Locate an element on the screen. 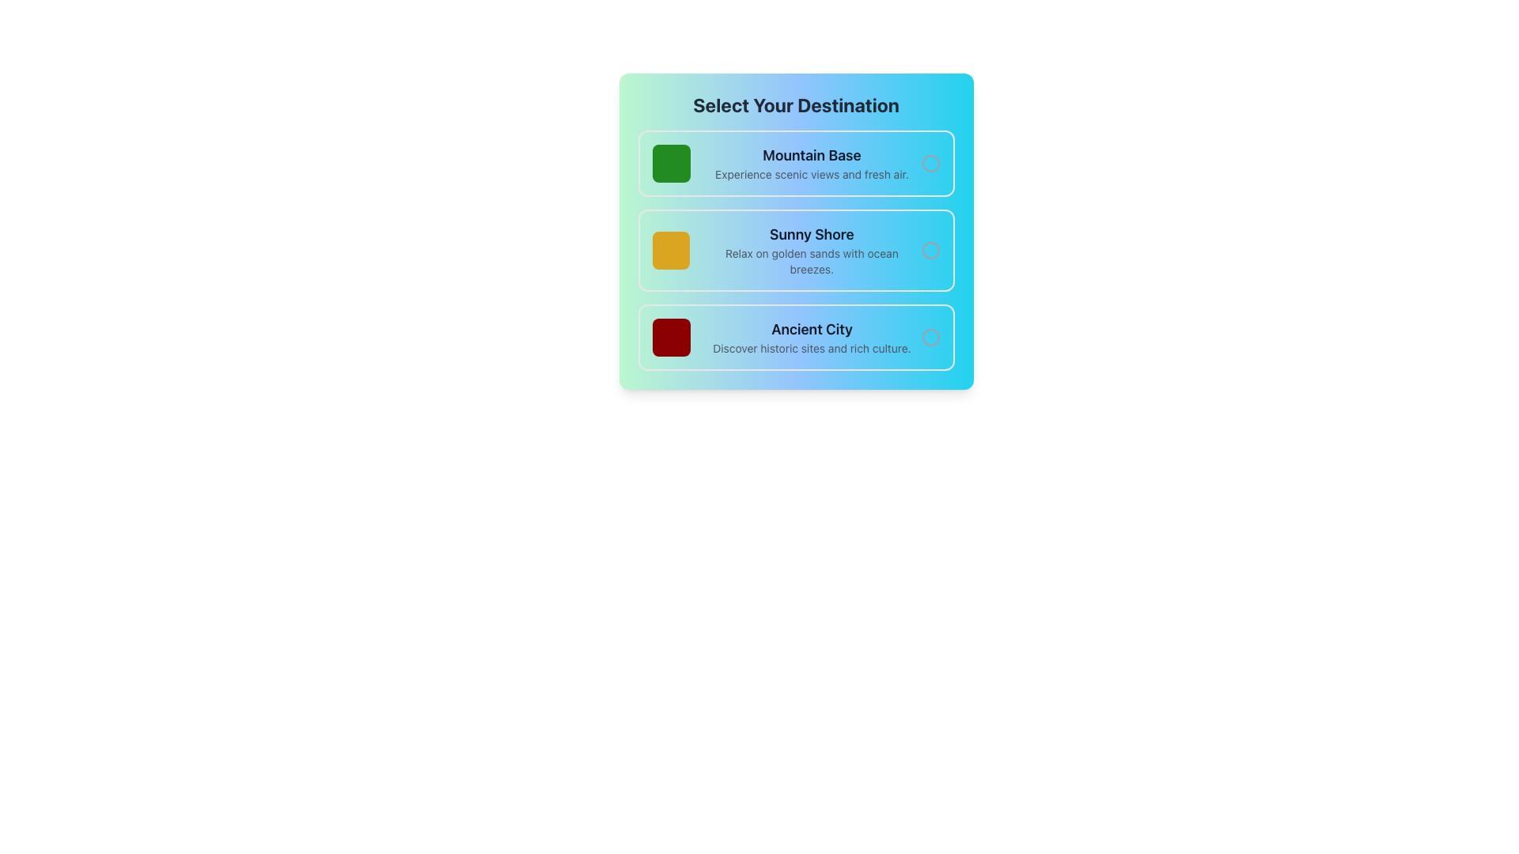  the 'Sunny Shore' option card is located at coordinates (796, 249).